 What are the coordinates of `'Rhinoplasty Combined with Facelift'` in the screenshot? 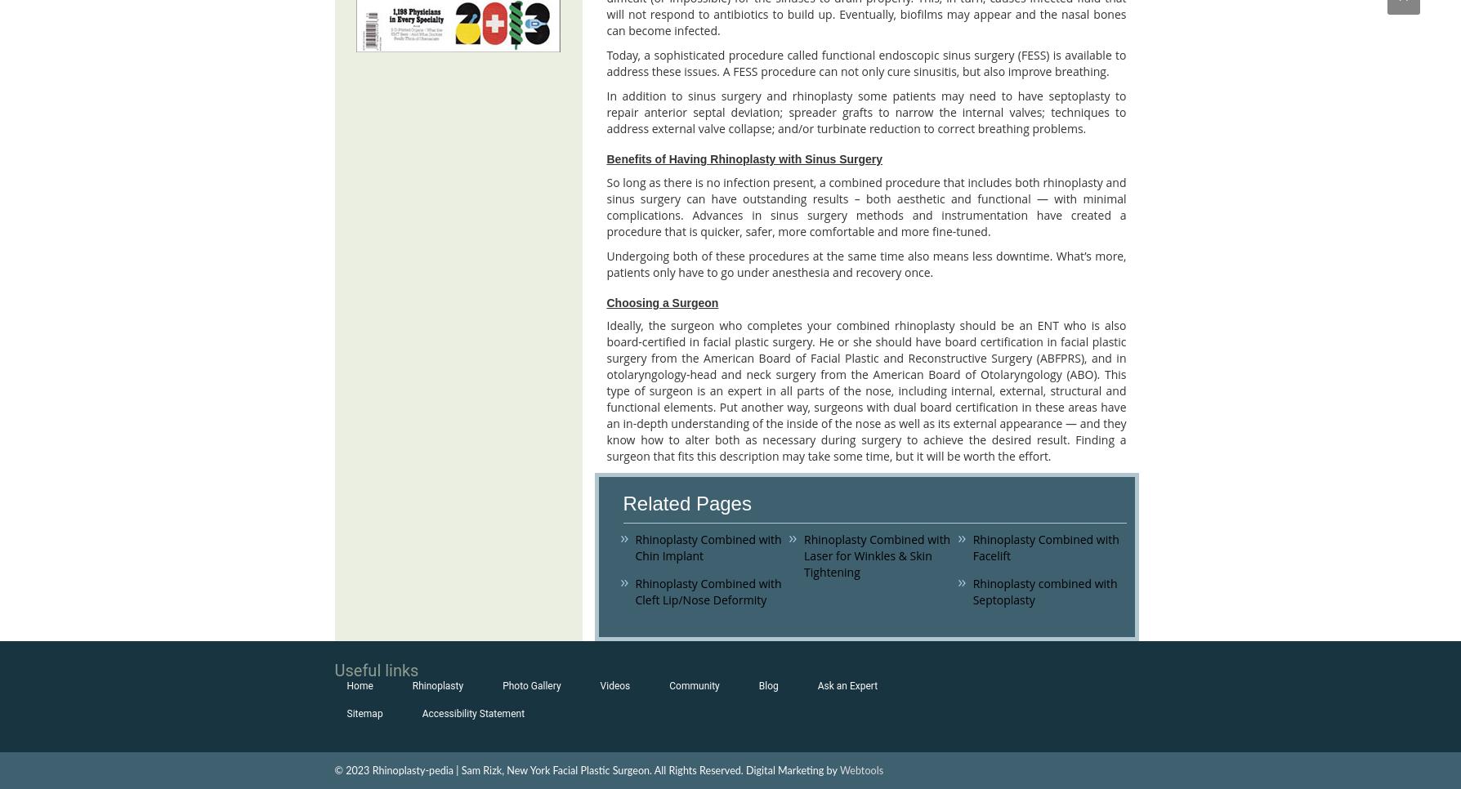 It's located at (1044, 546).